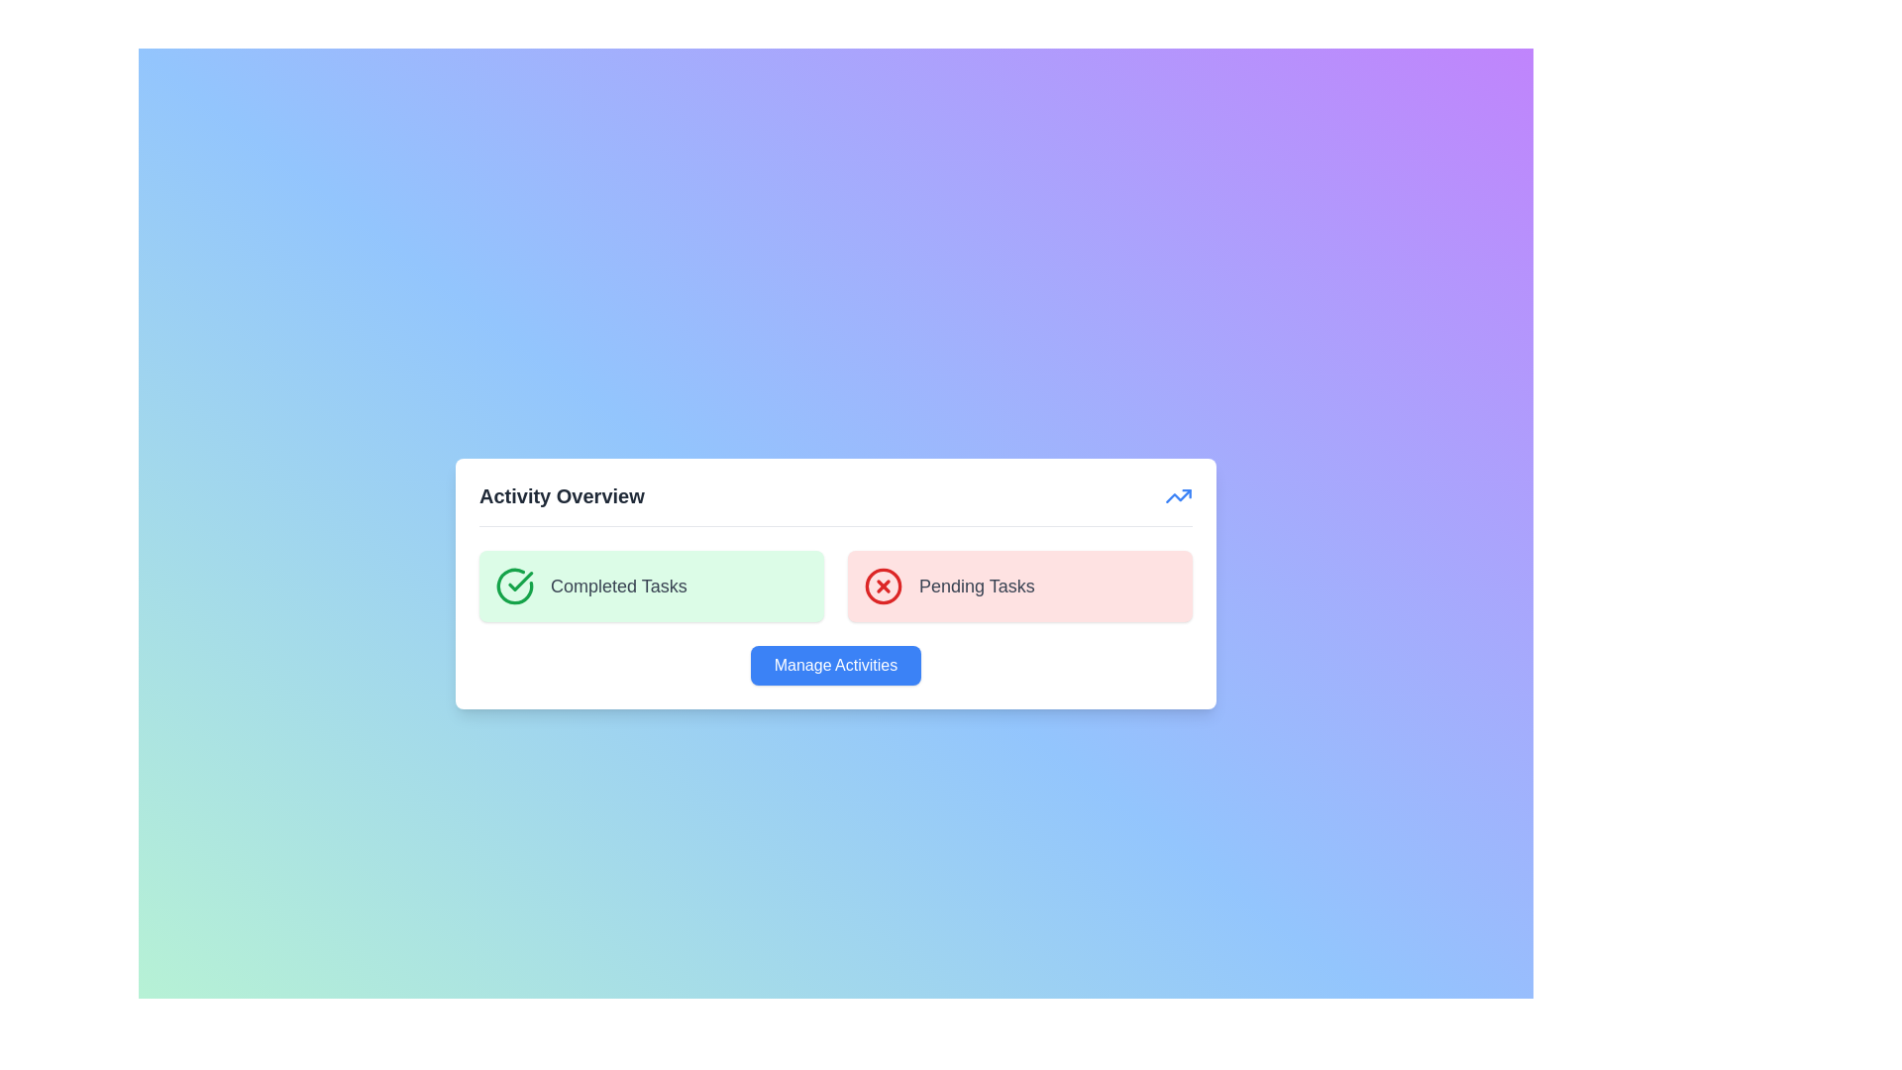 Image resolution: width=1902 pixels, height=1070 pixels. Describe the element at coordinates (883, 584) in the screenshot. I see `the decorative icon indicating pending tasks, located to the left of the 'Pending Tasks' text within the red box on the rectangular card` at that location.